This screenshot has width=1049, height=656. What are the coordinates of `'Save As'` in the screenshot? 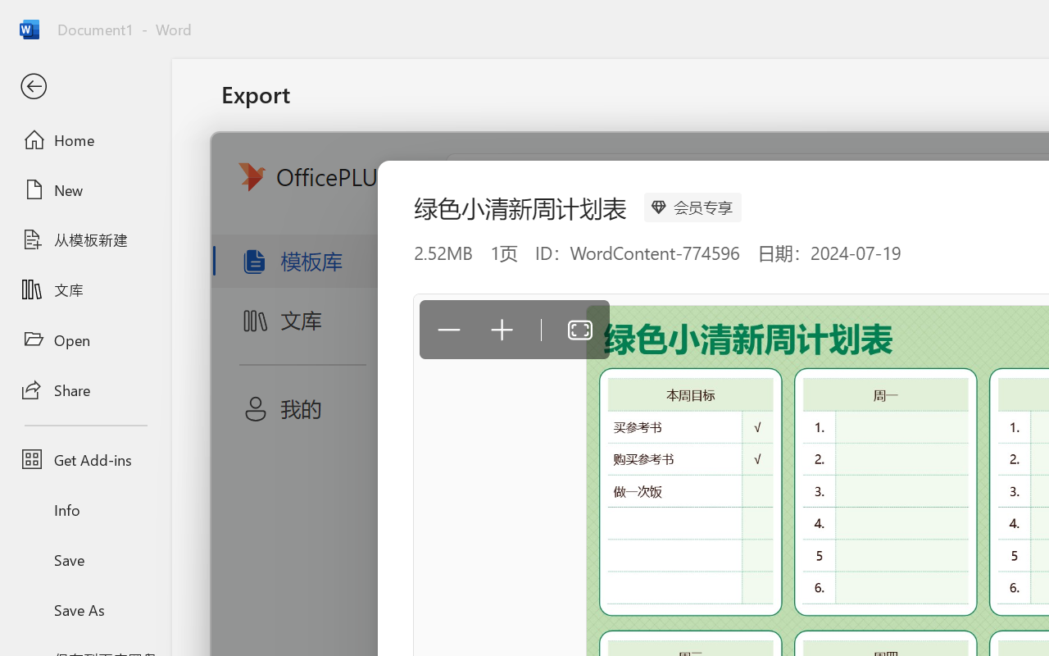 It's located at (84, 609).